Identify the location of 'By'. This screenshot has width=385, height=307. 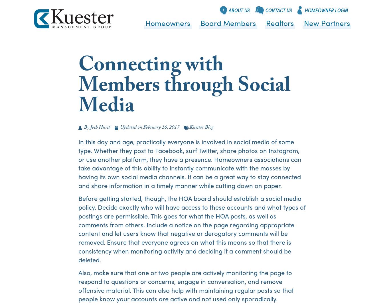
(86, 128).